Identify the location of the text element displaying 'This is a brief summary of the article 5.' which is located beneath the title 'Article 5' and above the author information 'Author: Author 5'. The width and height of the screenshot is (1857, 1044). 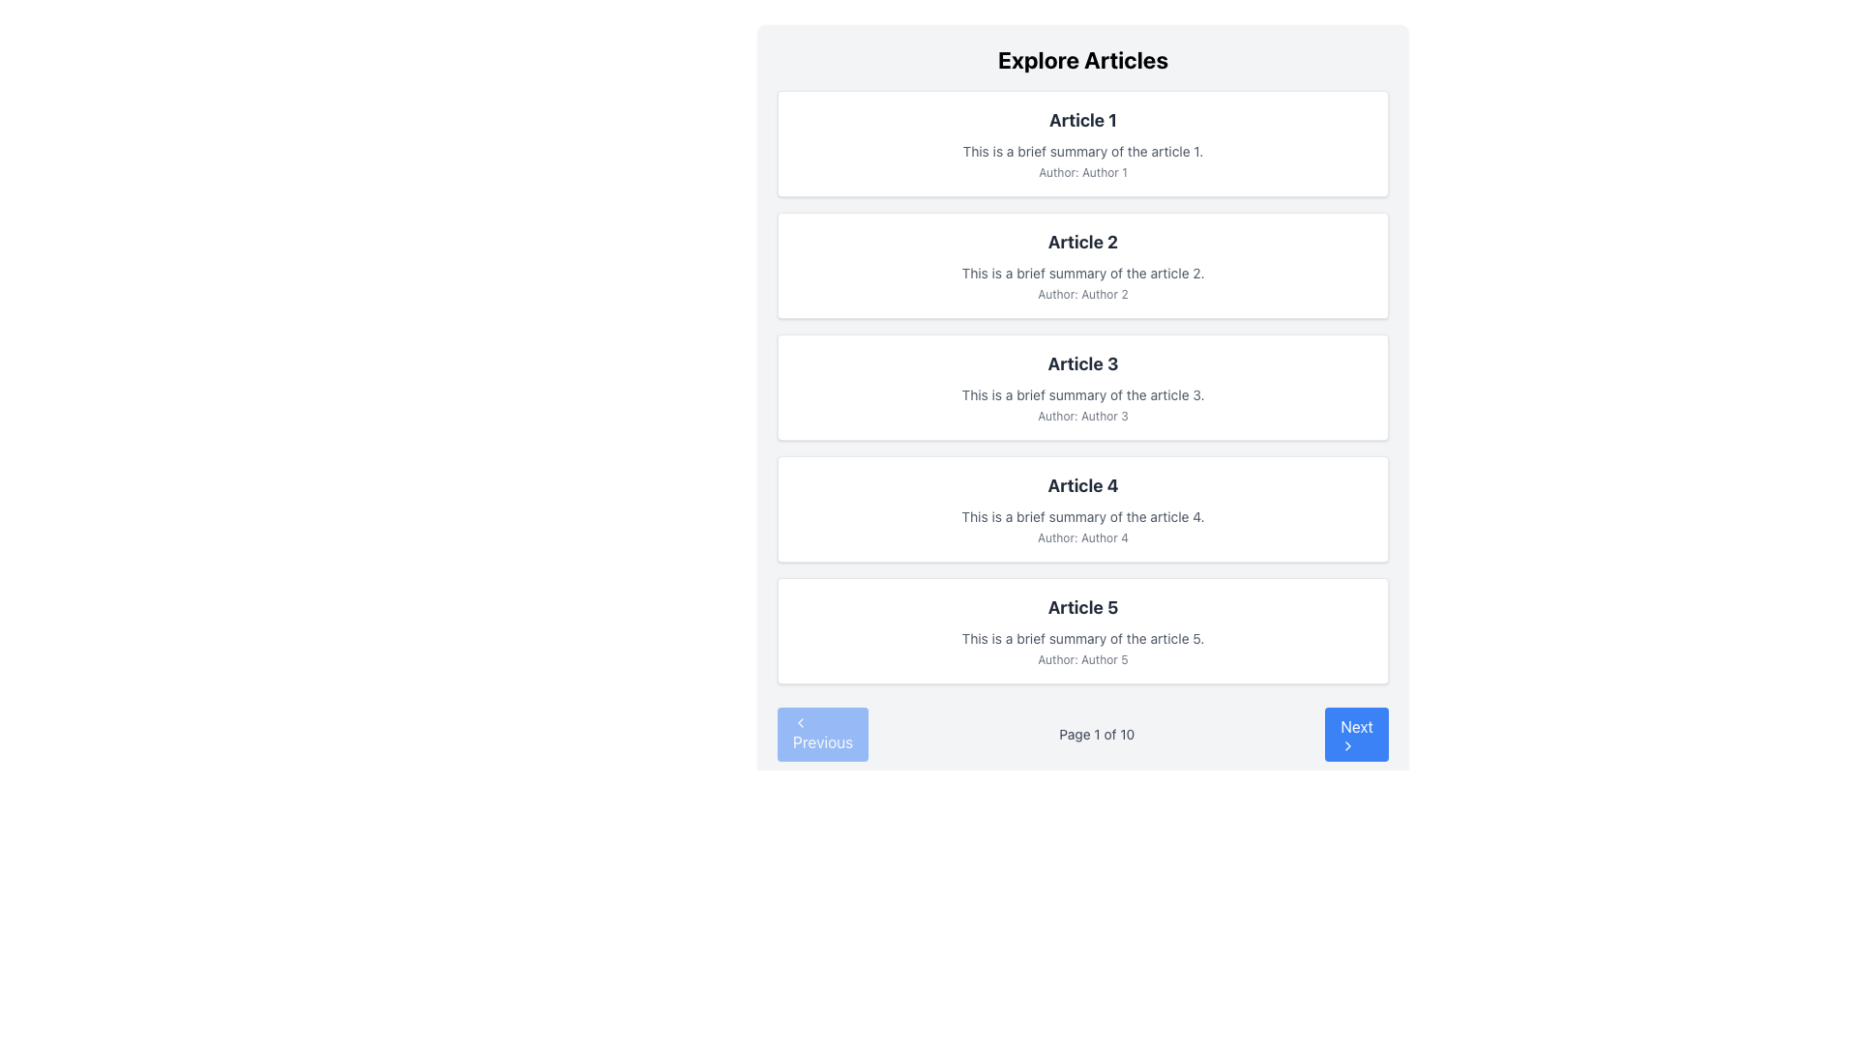
(1081, 638).